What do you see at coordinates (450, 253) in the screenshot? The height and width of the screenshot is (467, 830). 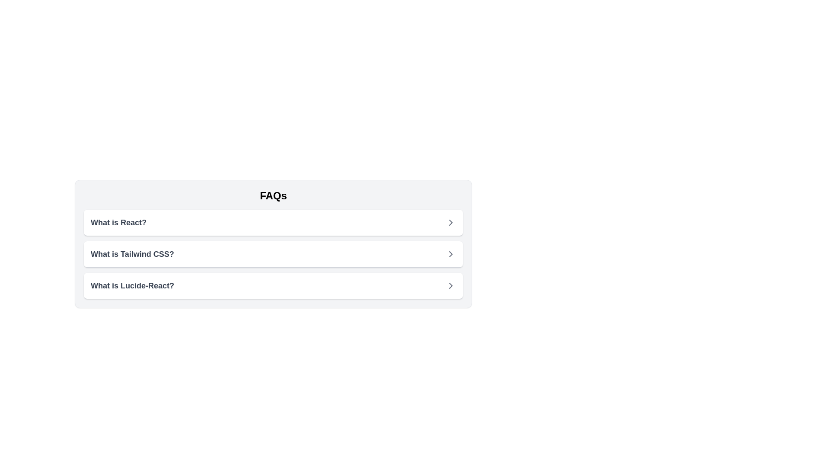 I see `the small rightwards arrow icon, styled with a black outline, located in the third row next to the 'What is Lucide-React?' header` at bounding box center [450, 253].